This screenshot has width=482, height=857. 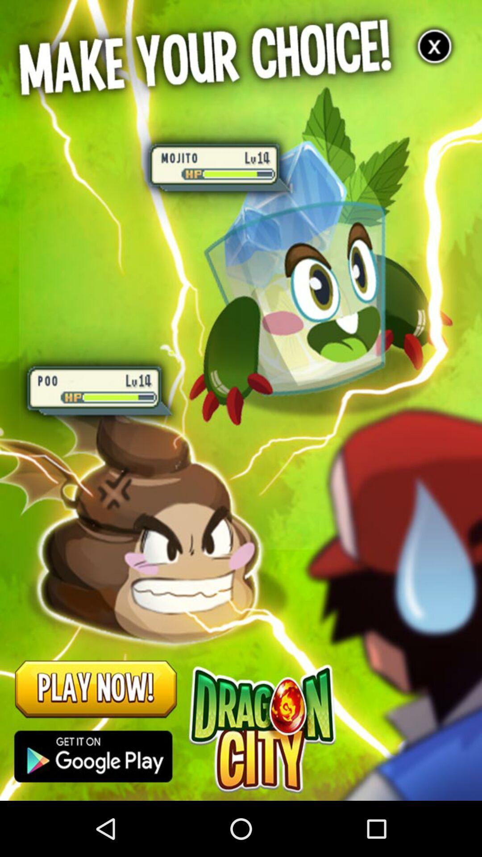 I want to click on the close icon, so click(x=435, y=50).